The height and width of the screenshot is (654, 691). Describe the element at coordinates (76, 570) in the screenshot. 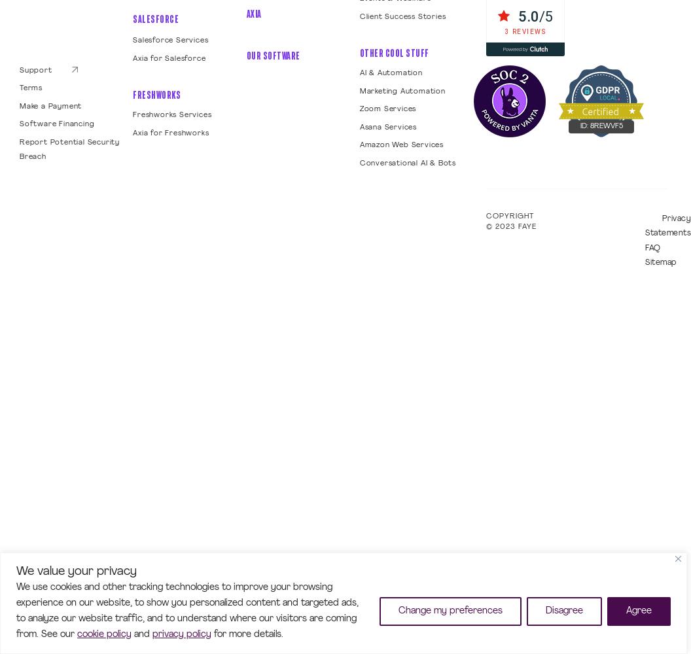

I see `'We value your privacy'` at that location.